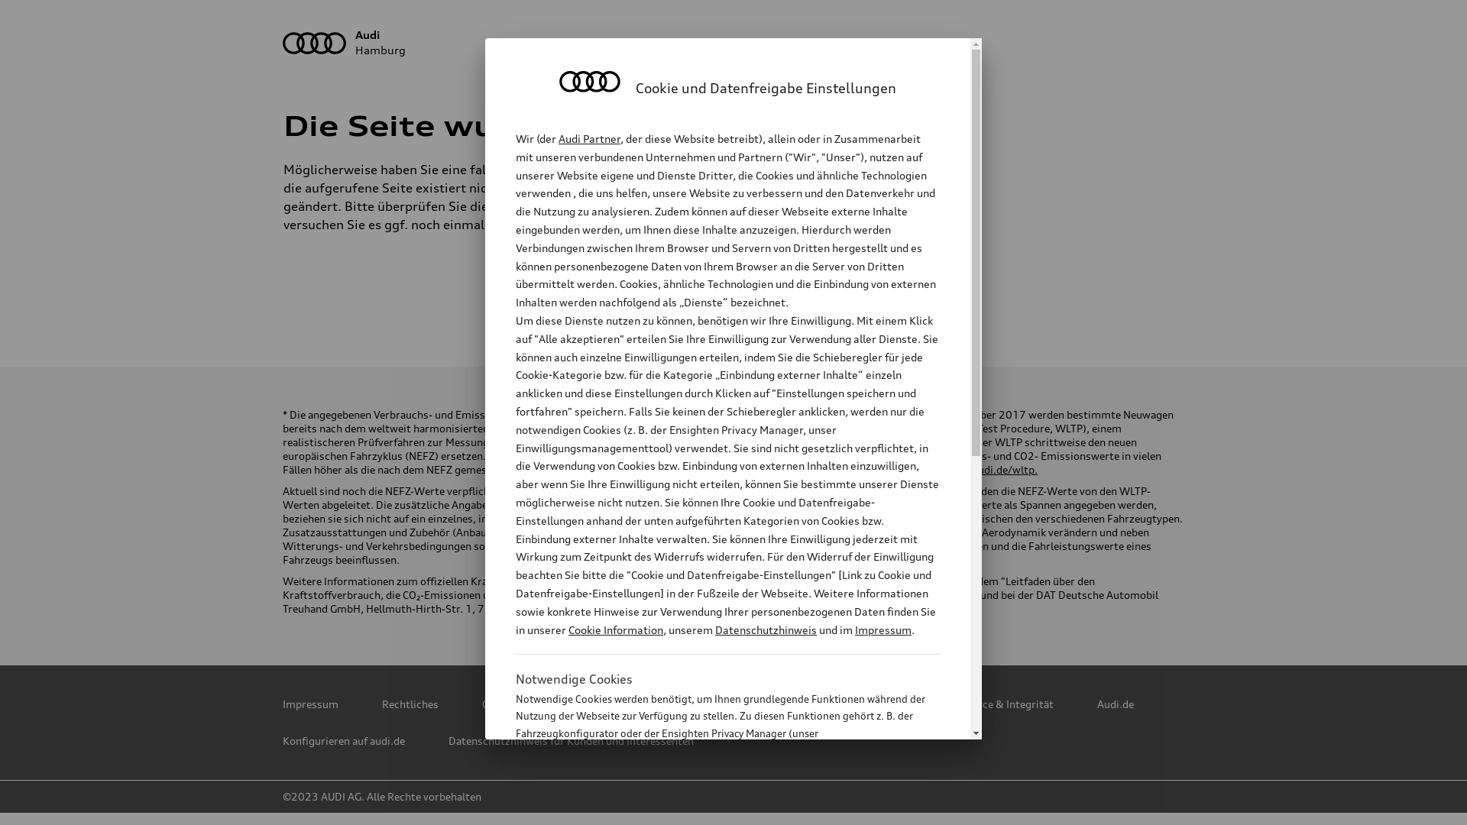 The image size is (1467, 825). What do you see at coordinates (561, 704) in the screenshot?
I see `'Copyright & Haftungsausschluss'` at bounding box center [561, 704].